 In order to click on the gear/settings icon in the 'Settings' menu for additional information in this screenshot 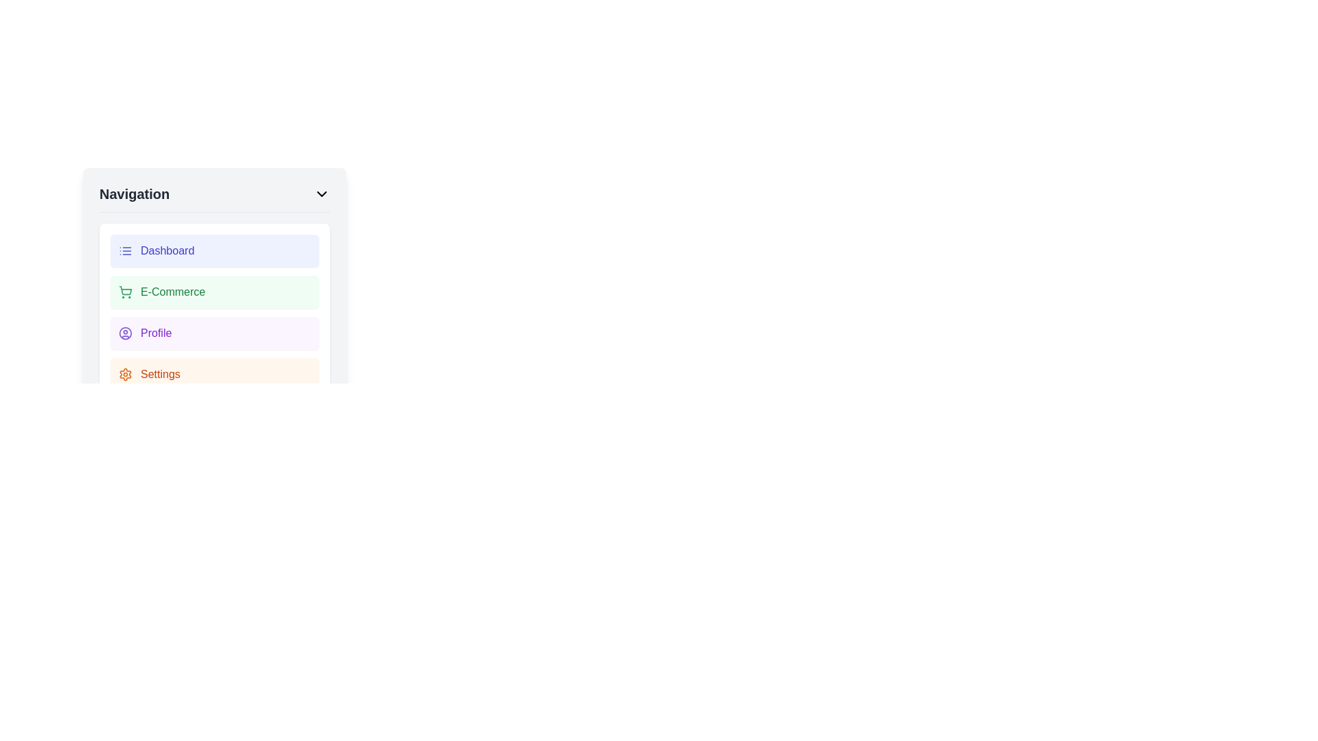, I will do `click(125, 375)`.